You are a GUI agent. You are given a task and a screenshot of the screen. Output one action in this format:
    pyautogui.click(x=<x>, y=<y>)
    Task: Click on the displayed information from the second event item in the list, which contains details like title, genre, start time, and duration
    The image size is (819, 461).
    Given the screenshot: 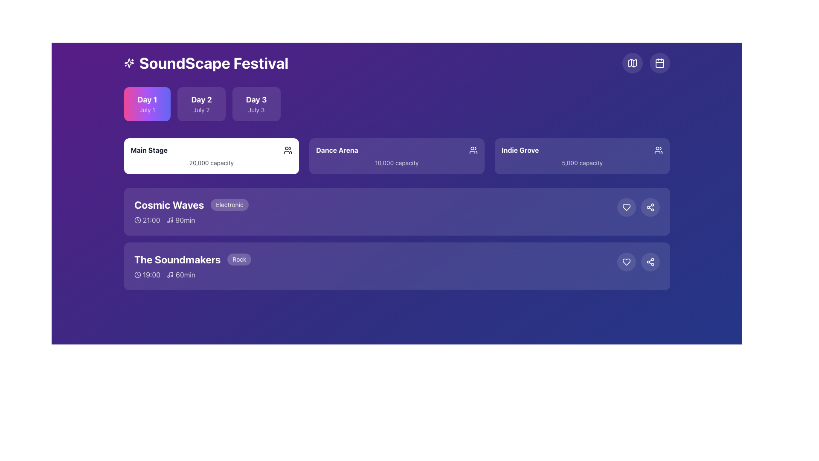 What is the action you would take?
    pyautogui.click(x=375, y=211)
    